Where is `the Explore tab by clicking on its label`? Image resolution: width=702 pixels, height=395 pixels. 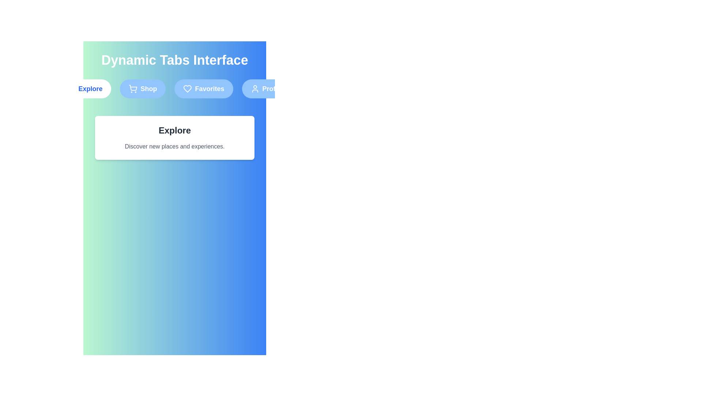 the Explore tab by clicking on its label is located at coordinates (84, 89).